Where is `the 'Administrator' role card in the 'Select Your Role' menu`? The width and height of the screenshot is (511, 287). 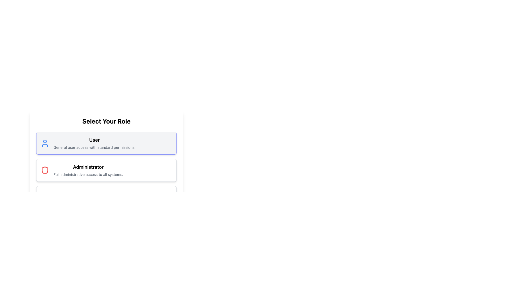
the 'Administrator' role card in the 'Select Your Role' menu is located at coordinates (106, 170).